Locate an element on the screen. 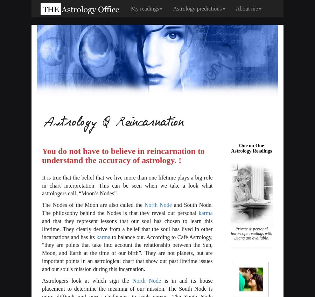  'Astrology & Reincarnation' is located at coordinates (113, 122).